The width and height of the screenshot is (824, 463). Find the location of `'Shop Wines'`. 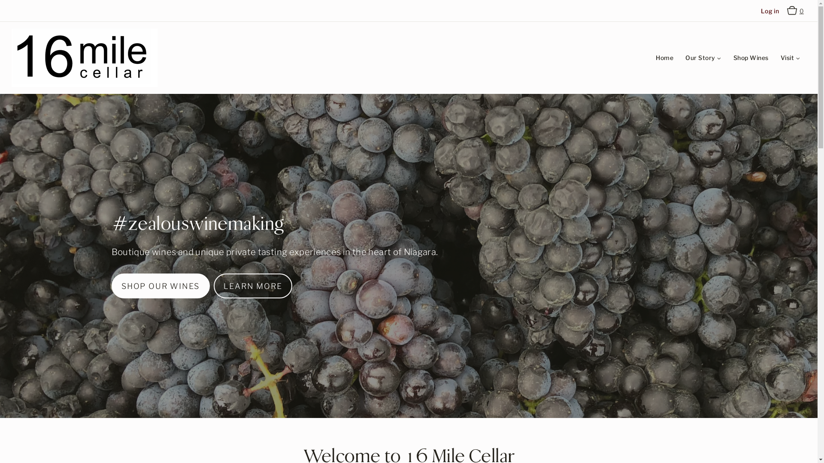

'Shop Wines' is located at coordinates (751, 58).